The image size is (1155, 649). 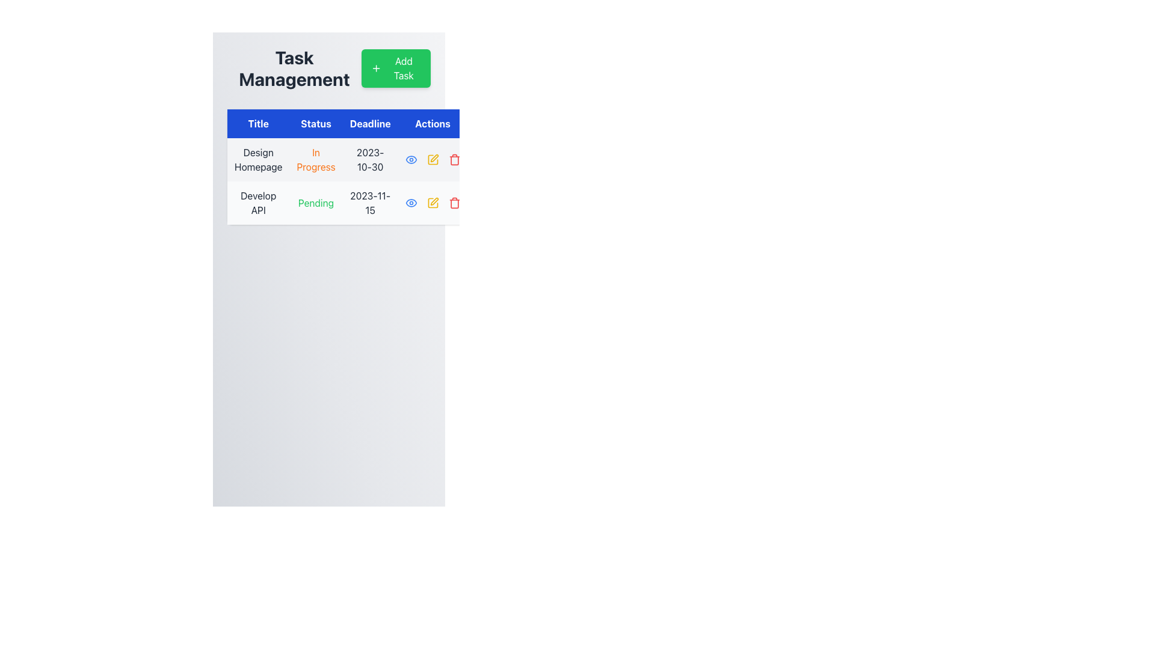 I want to click on the 'Add Task' button, which is a rectangular button with rounded corners, filled with a green background and white text, located to the right of the 'Task Management' text, so click(x=396, y=69).